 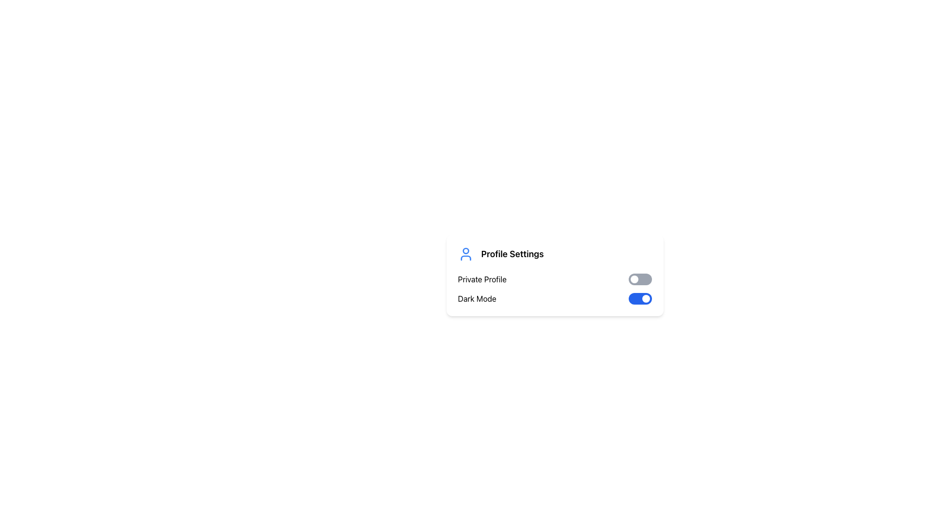 I want to click on the user icon element in the 'Profile Settings' section, which is depicted as a simplified outline of a person with a blue stroke color, located to the left of the 'Profile Settings' text, so click(x=465, y=253).